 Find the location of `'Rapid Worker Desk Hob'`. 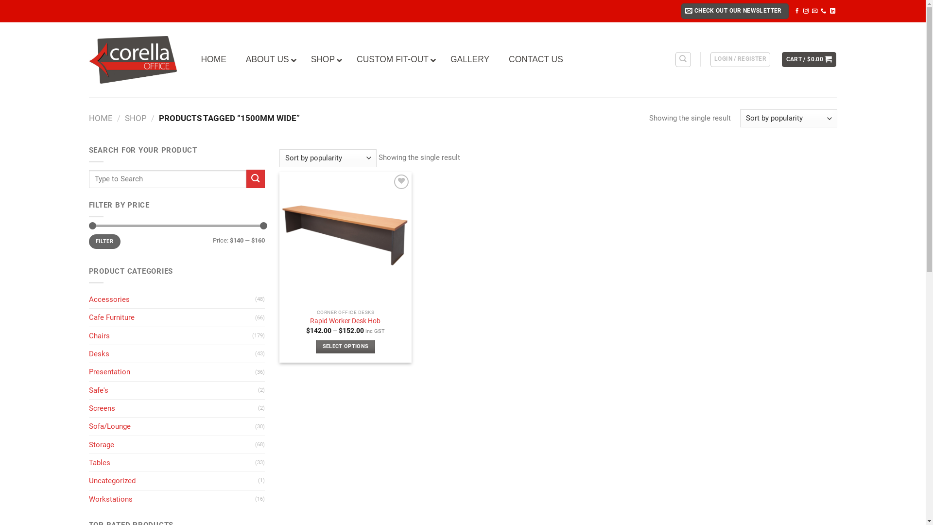

'Rapid Worker Desk Hob' is located at coordinates (345, 321).